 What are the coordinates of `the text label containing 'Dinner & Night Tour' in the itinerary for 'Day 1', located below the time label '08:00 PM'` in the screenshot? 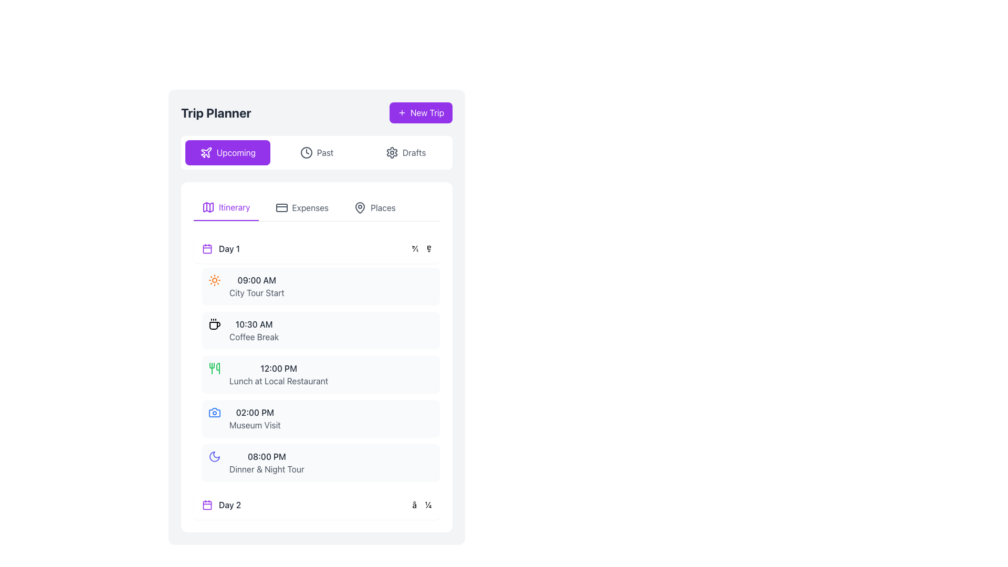 It's located at (267, 469).